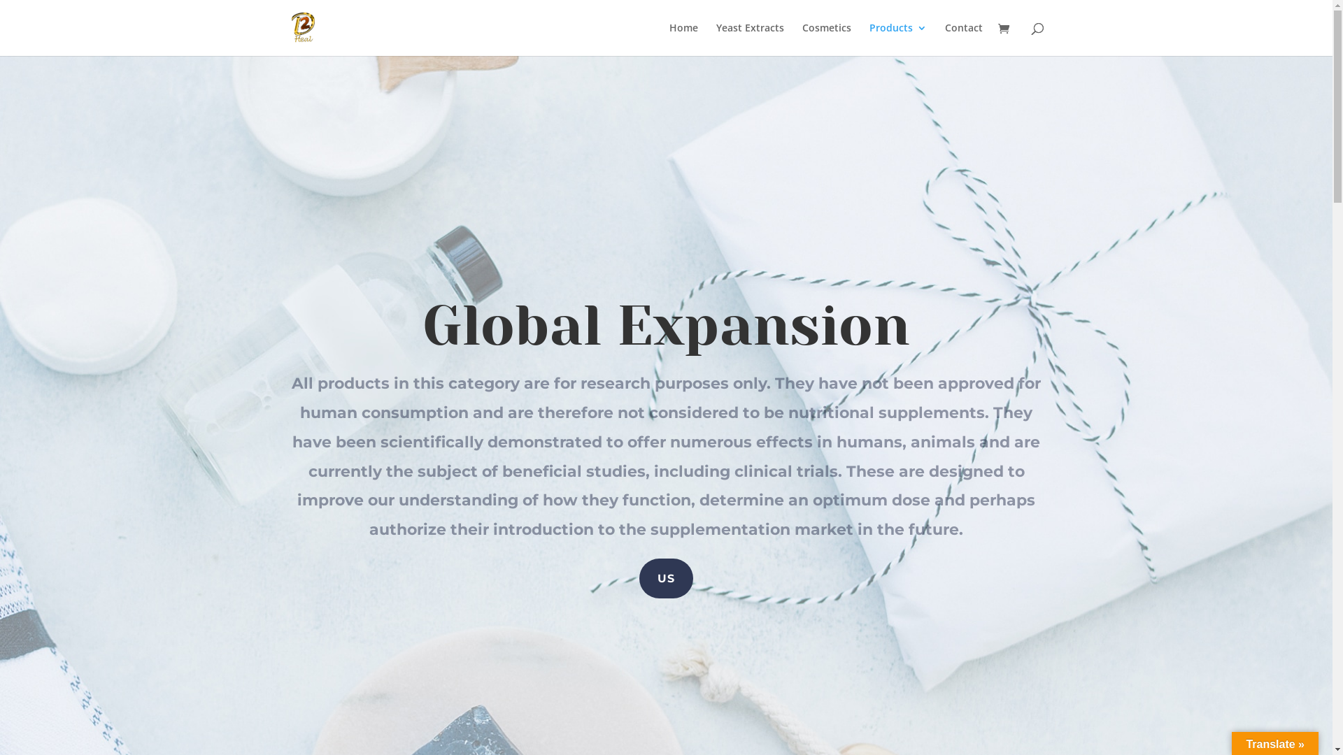  Describe the element at coordinates (749, 38) in the screenshot. I see `'Yeast Extracts'` at that location.